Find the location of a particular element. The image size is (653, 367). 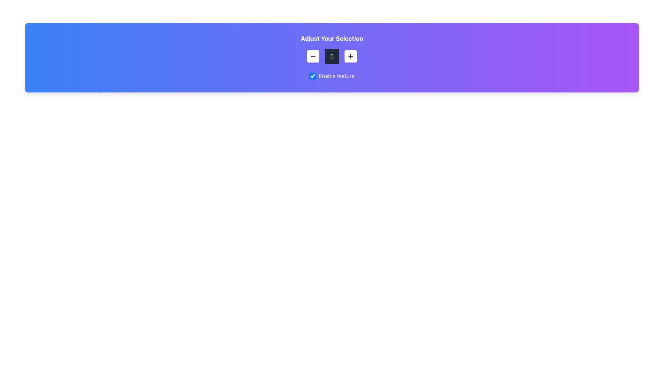

the text label reading 'Enable feature' which is styled in white text on a gradient purple background, located to the right of a checkbox is located at coordinates (336, 76).